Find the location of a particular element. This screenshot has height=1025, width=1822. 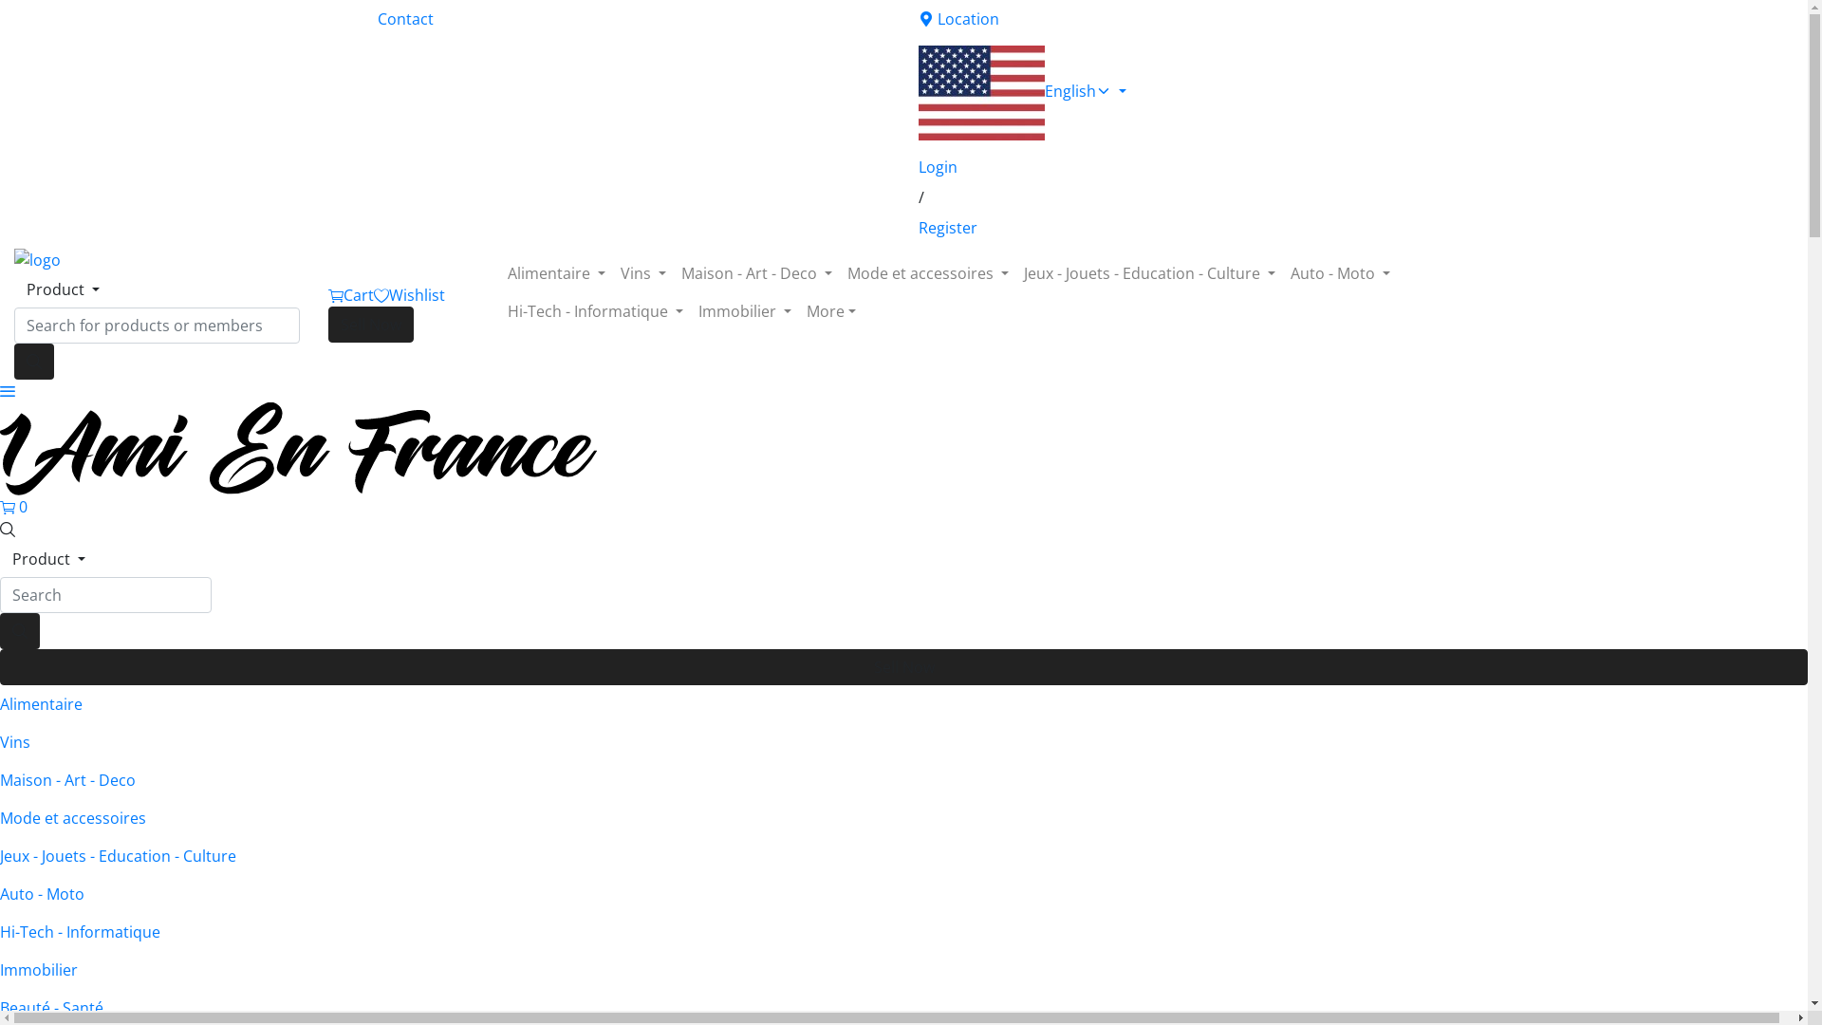

' Location' is located at coordinates (1174, 18).